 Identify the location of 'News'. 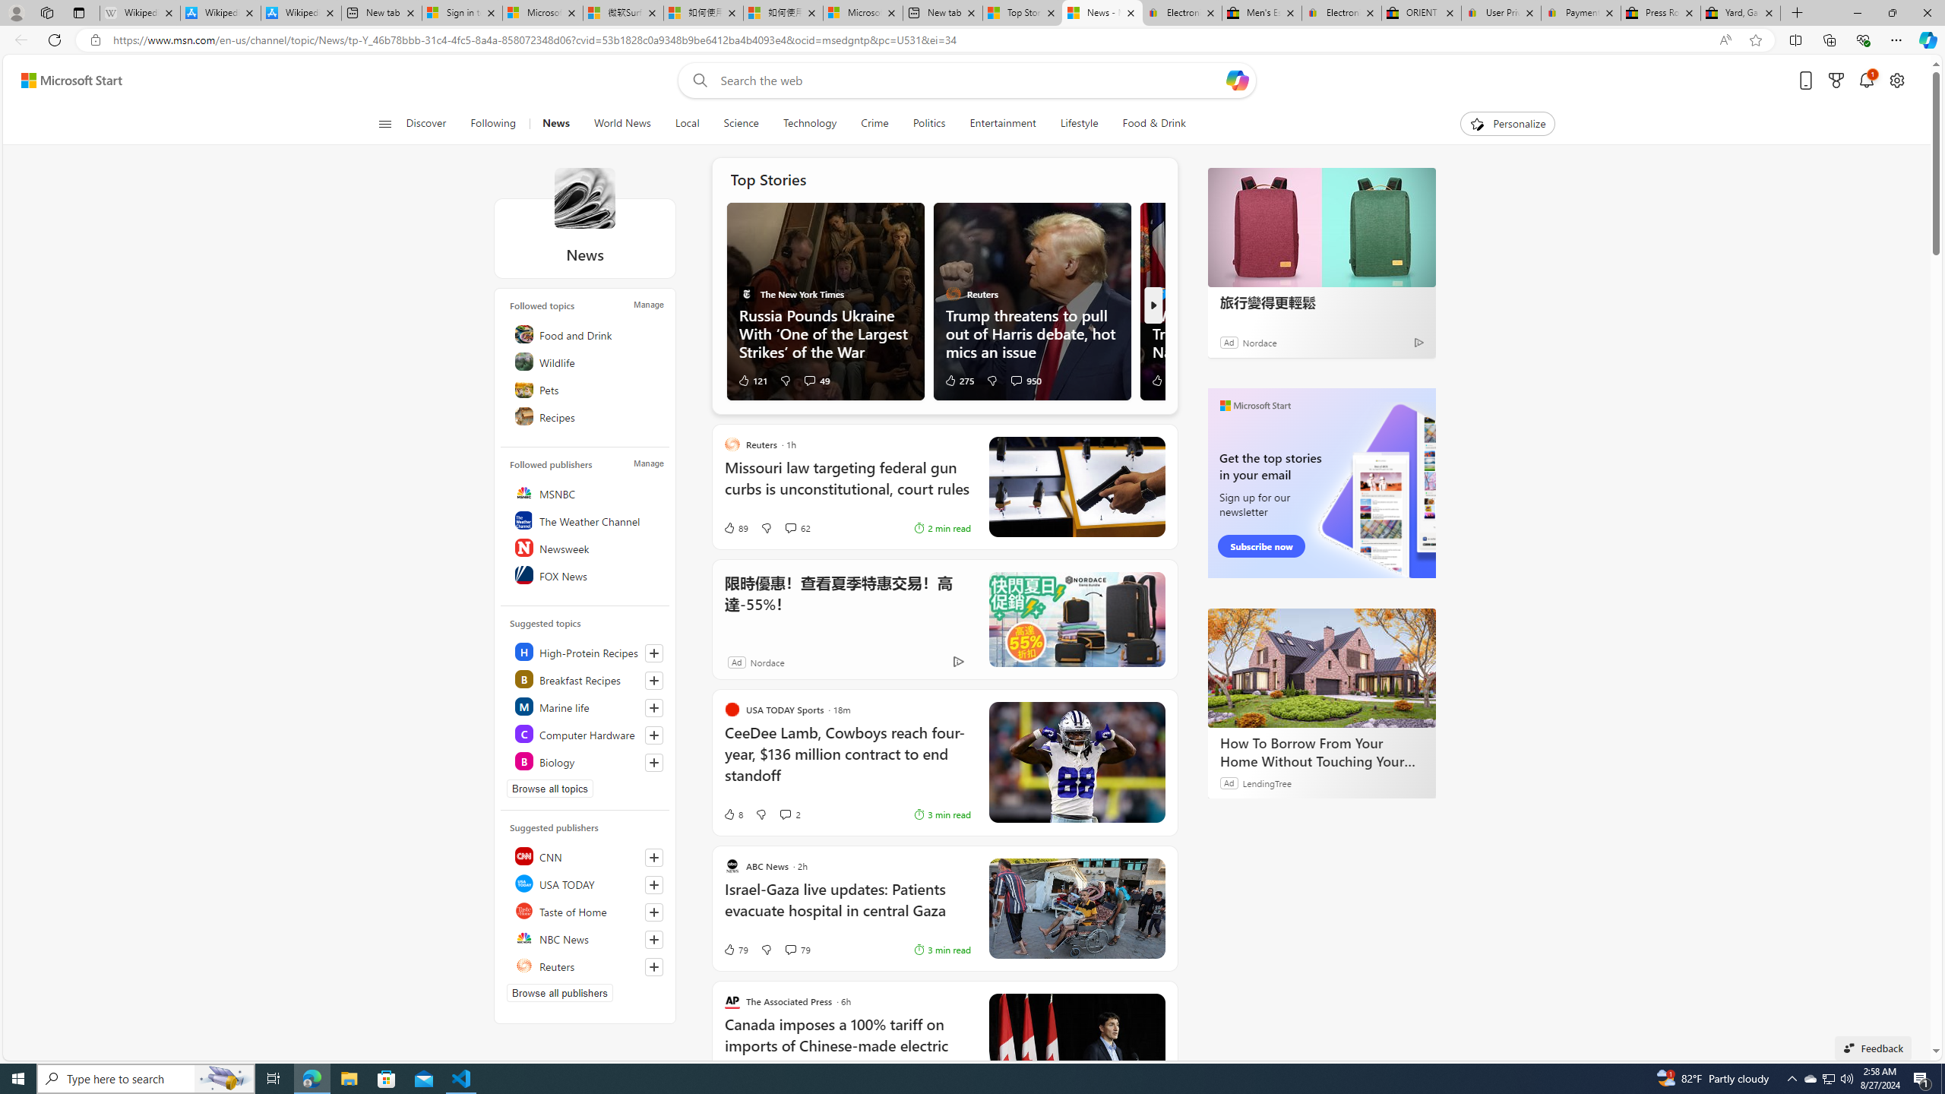
(584, 198).